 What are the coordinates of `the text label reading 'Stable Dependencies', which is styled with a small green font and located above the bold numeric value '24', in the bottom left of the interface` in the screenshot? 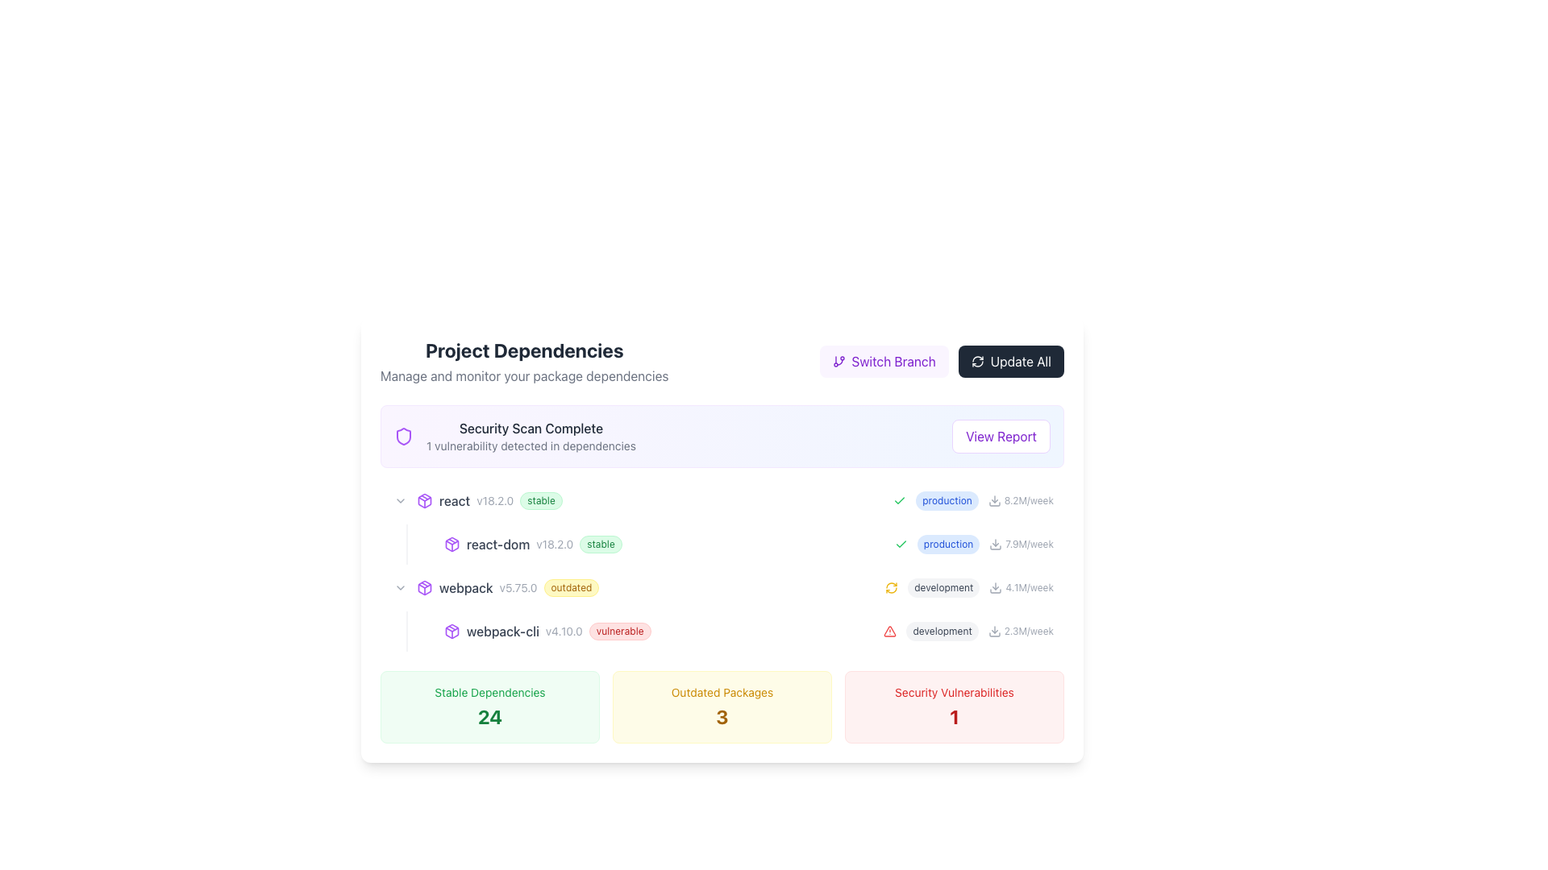 It's located at (489, 692).